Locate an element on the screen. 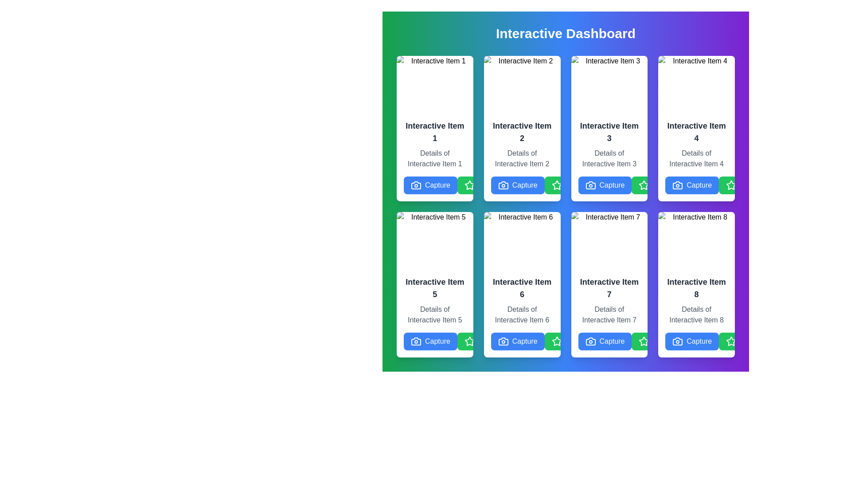 The image size is (851, 479). the capture button located at the bottom of the card labeled 'Interactive Item 8' in the last row's far-right column is located at coordinates (691, 341).